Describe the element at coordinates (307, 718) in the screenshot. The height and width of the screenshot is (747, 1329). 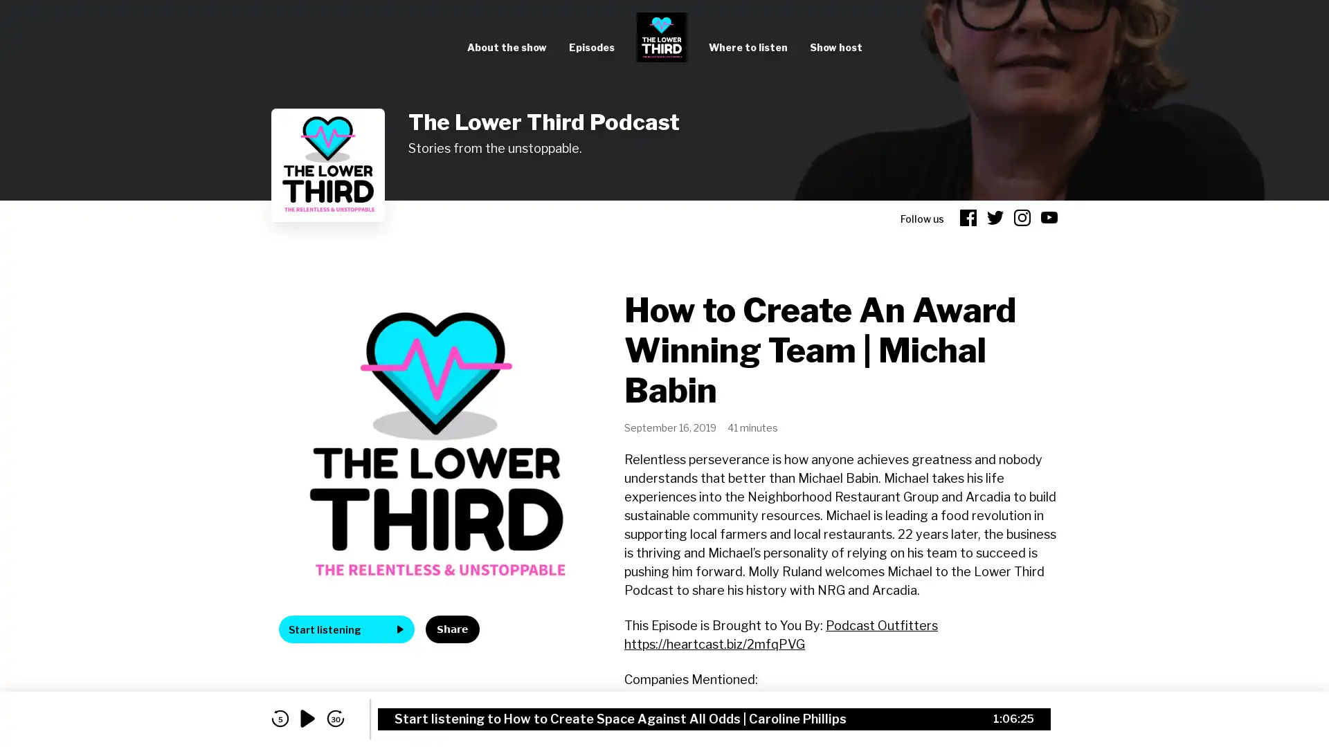
I see `play audio` at that location.